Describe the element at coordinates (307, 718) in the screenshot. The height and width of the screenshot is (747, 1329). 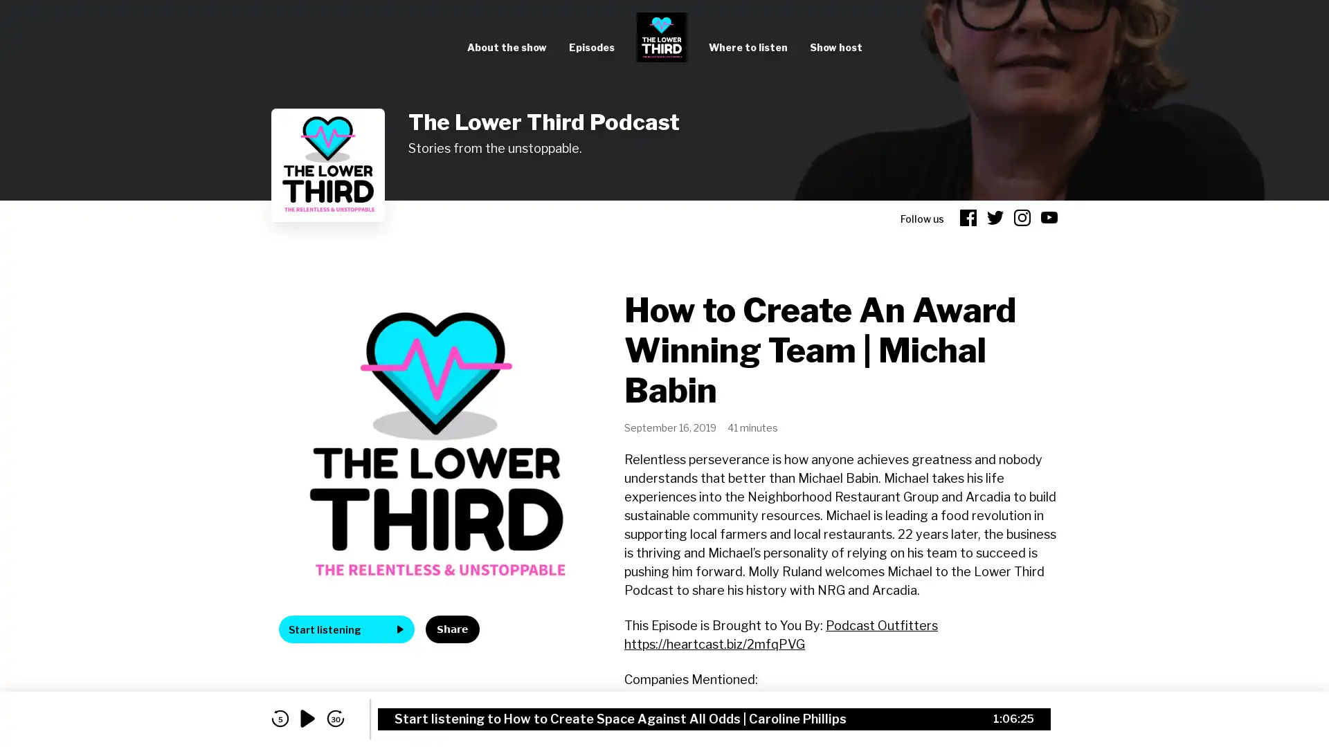
I see `play audio` at that location.